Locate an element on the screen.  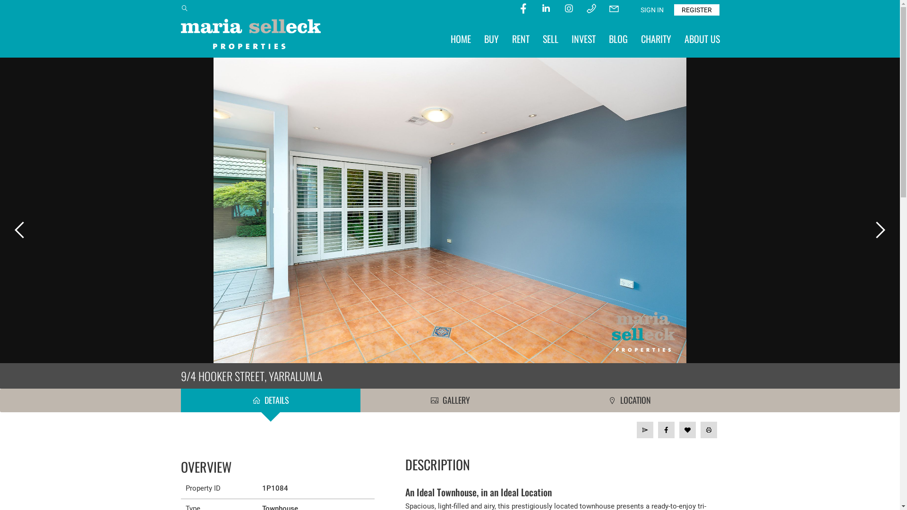
'HOME' is located at coordinates (461, 38).